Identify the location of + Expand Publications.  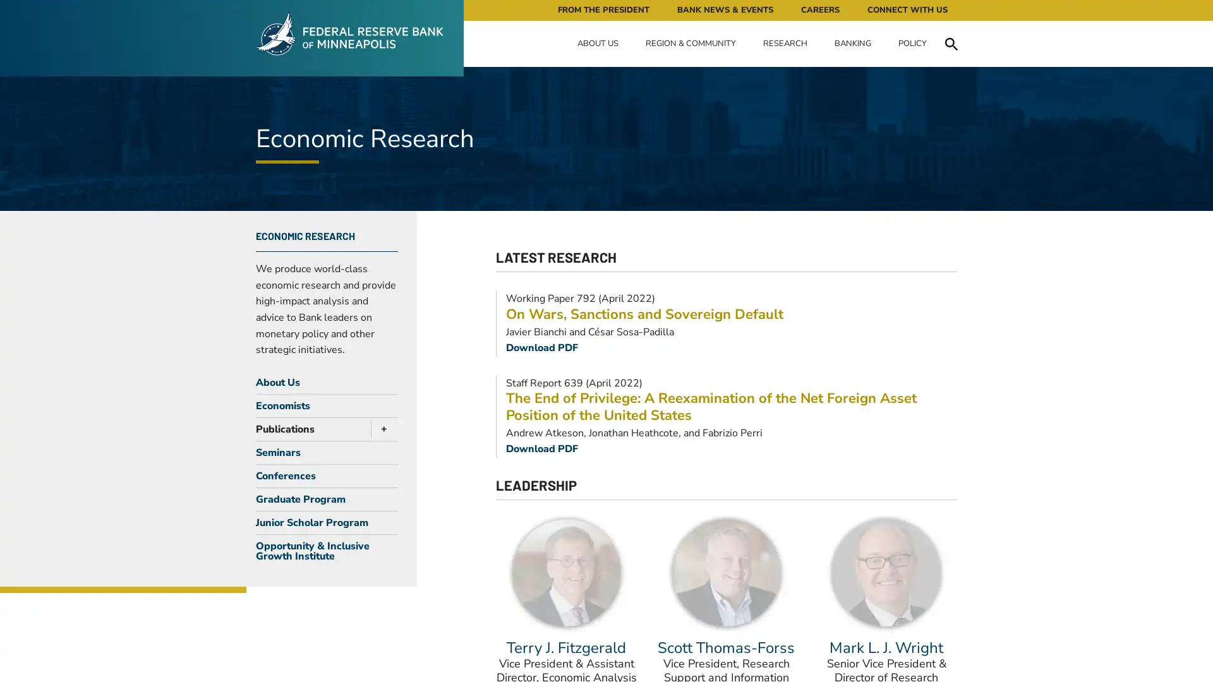
(380, 428).